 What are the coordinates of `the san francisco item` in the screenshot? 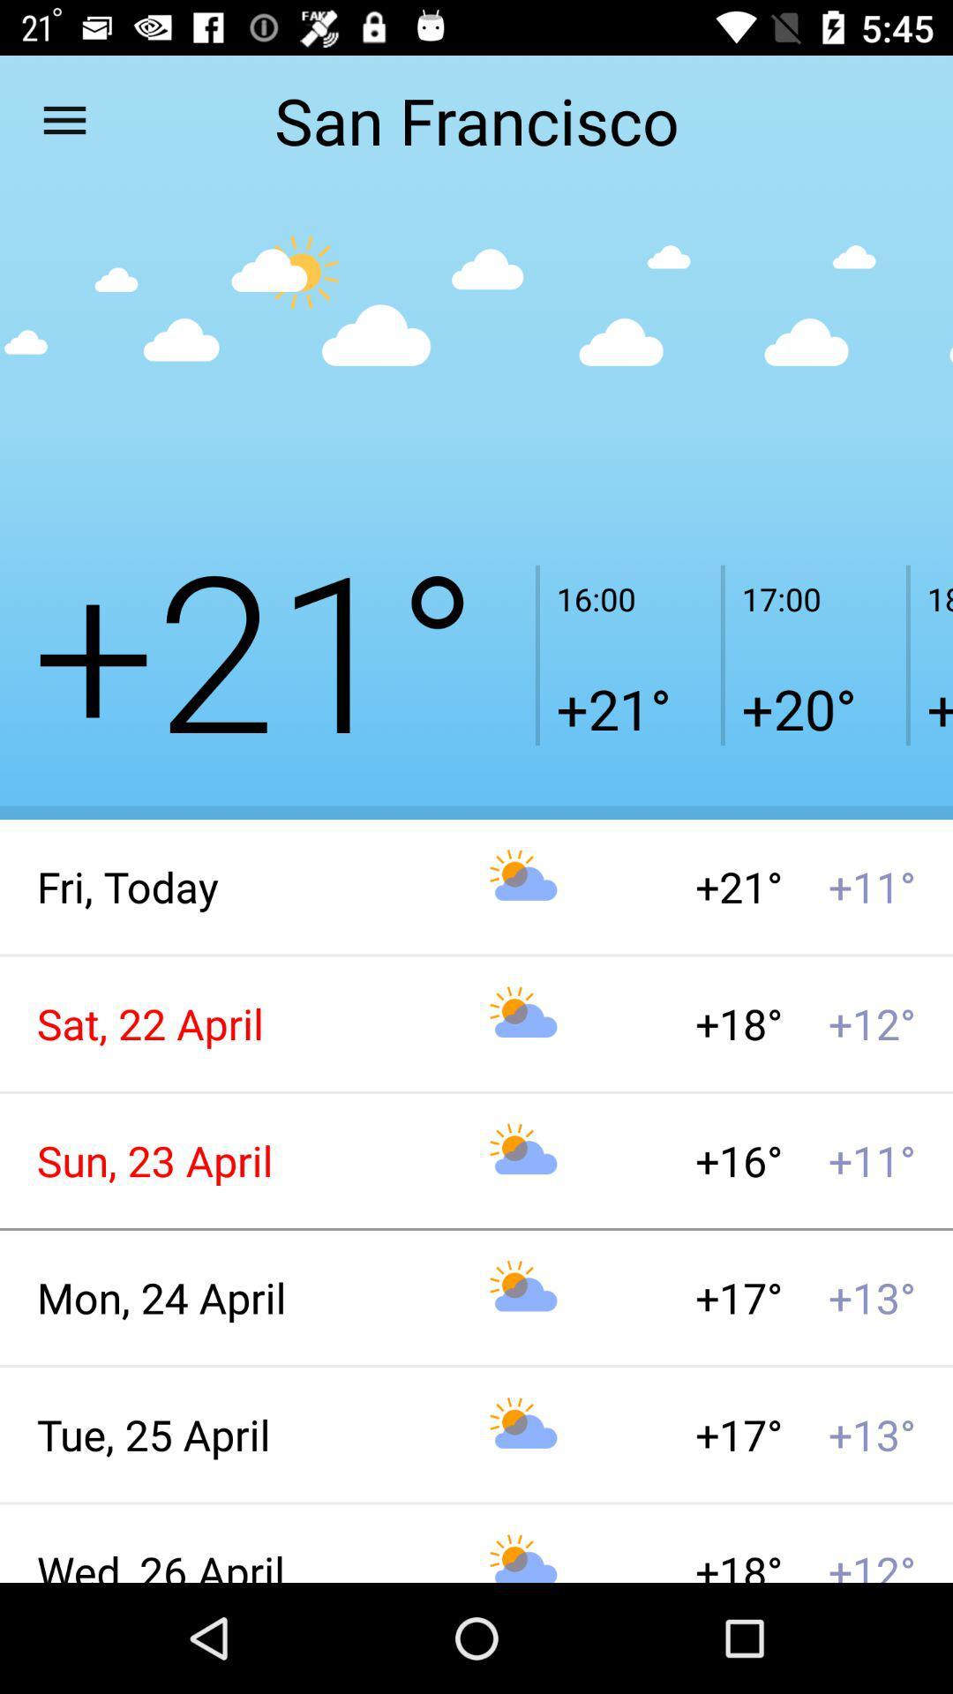 It's located at (476, 119).